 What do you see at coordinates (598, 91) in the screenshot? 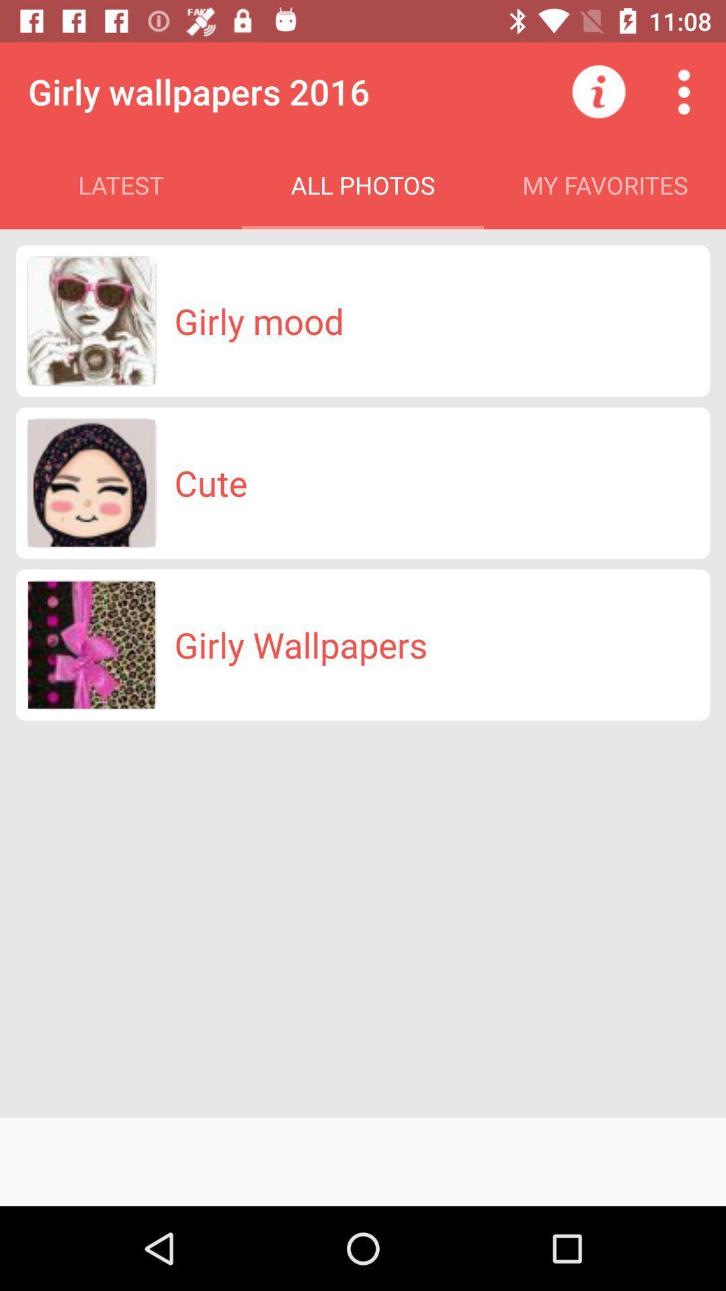
I see `the item above the my favorites icon` at bounding box center [598, 91].